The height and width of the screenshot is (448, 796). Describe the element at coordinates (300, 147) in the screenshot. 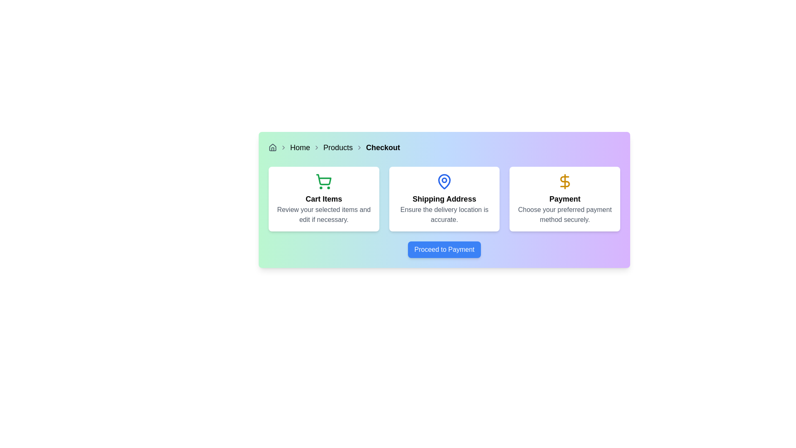

I see `the 'Home' hyperlink label in the breadcrumb navigation bar` at that location.